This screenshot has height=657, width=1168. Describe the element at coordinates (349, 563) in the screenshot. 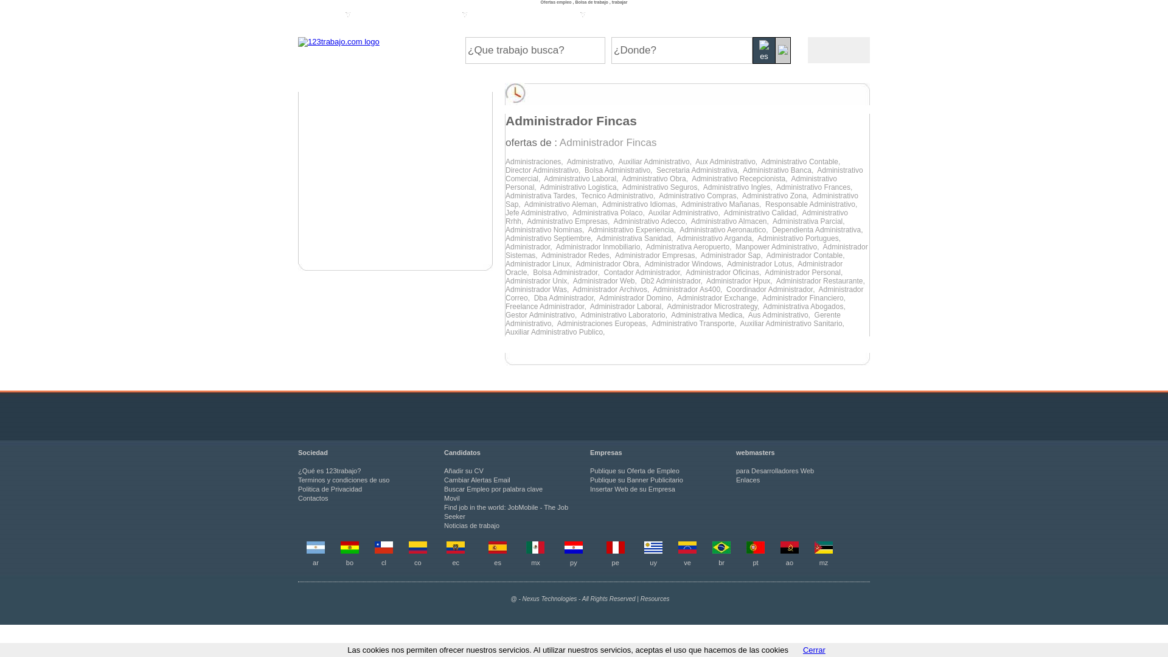

I see `'bo'` at that location.